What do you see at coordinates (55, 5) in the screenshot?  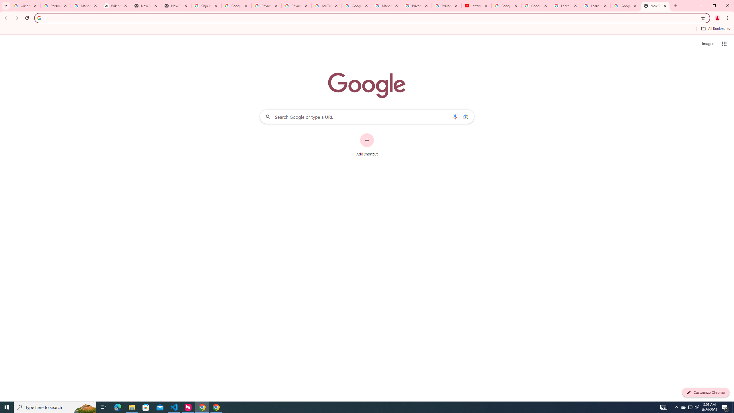 I see `'Personalization & Google Search results - Google Search Help'` at bounding box center [55, 5].